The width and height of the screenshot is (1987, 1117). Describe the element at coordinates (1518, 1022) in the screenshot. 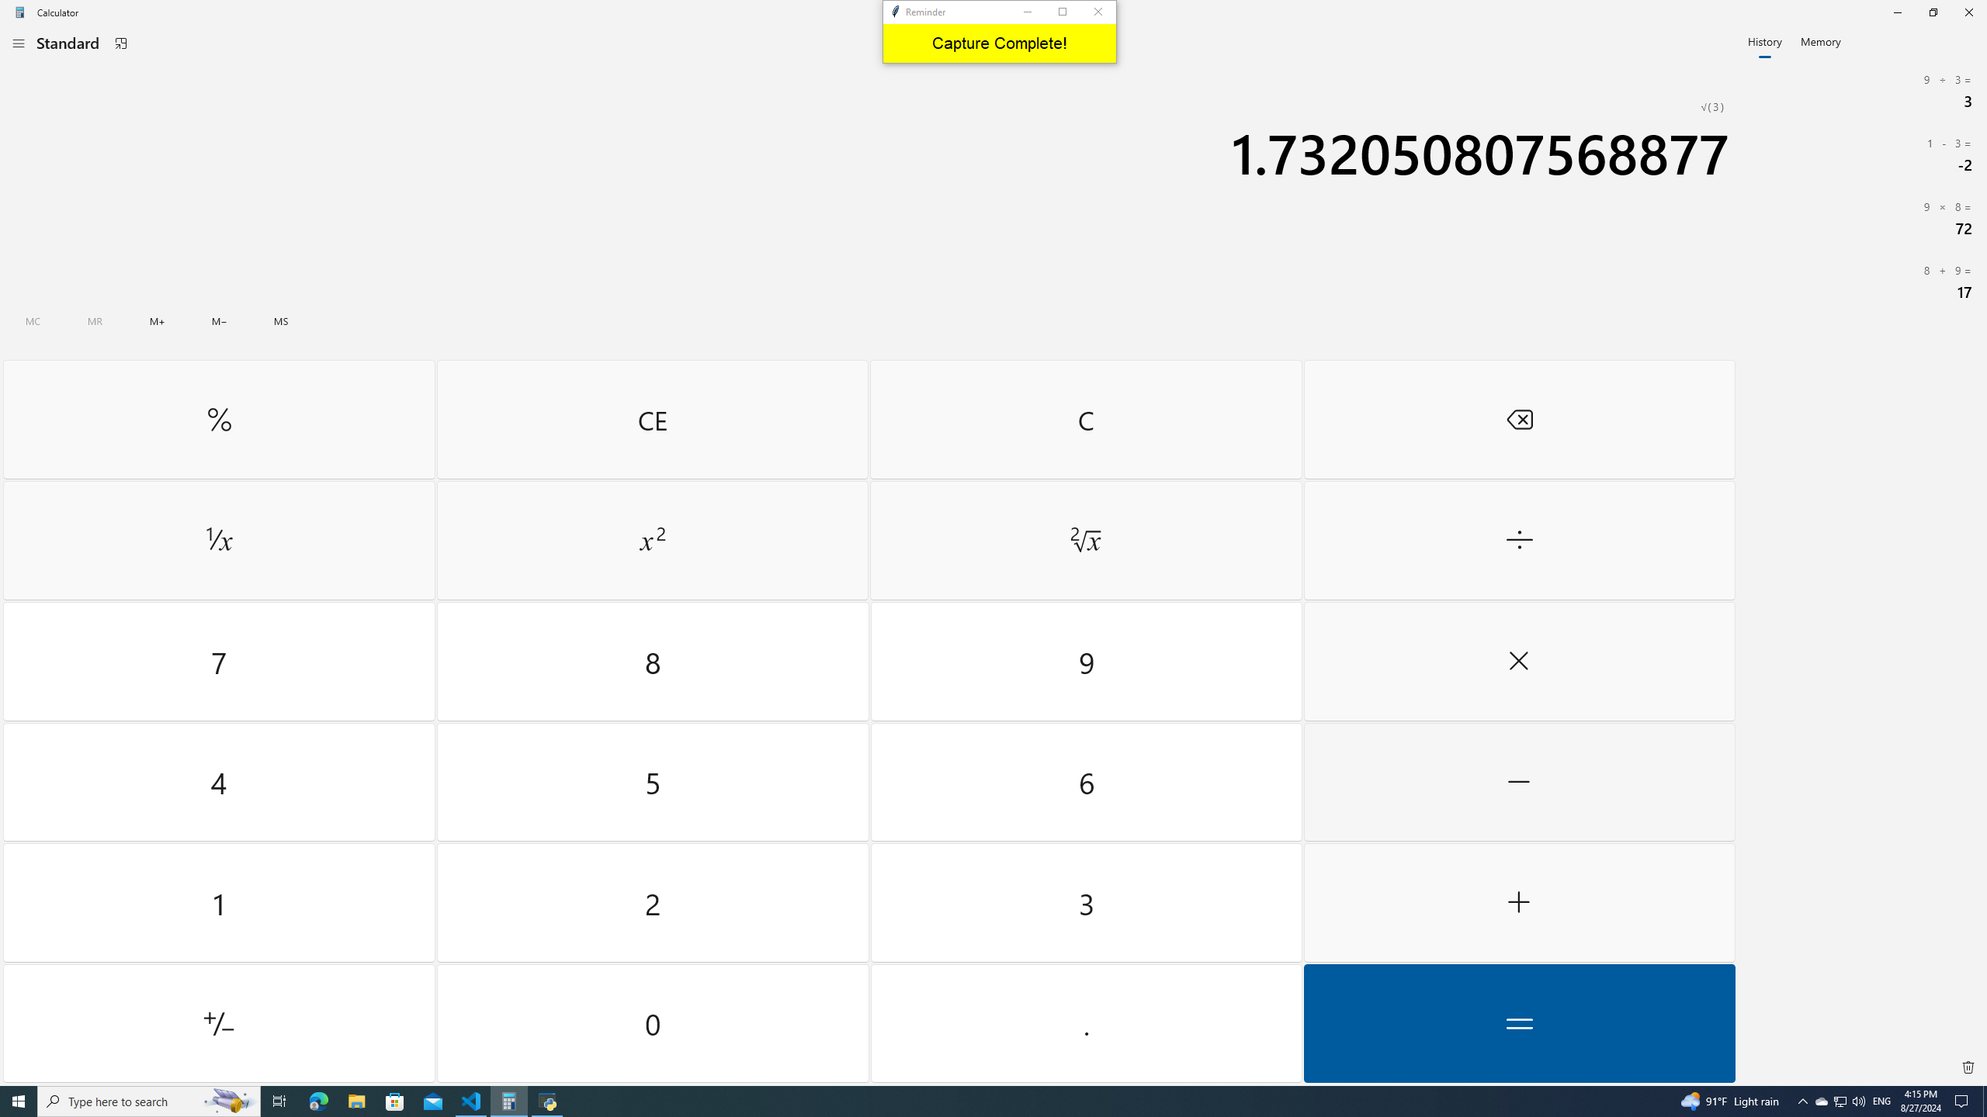

I see `'Equals'` at that location.